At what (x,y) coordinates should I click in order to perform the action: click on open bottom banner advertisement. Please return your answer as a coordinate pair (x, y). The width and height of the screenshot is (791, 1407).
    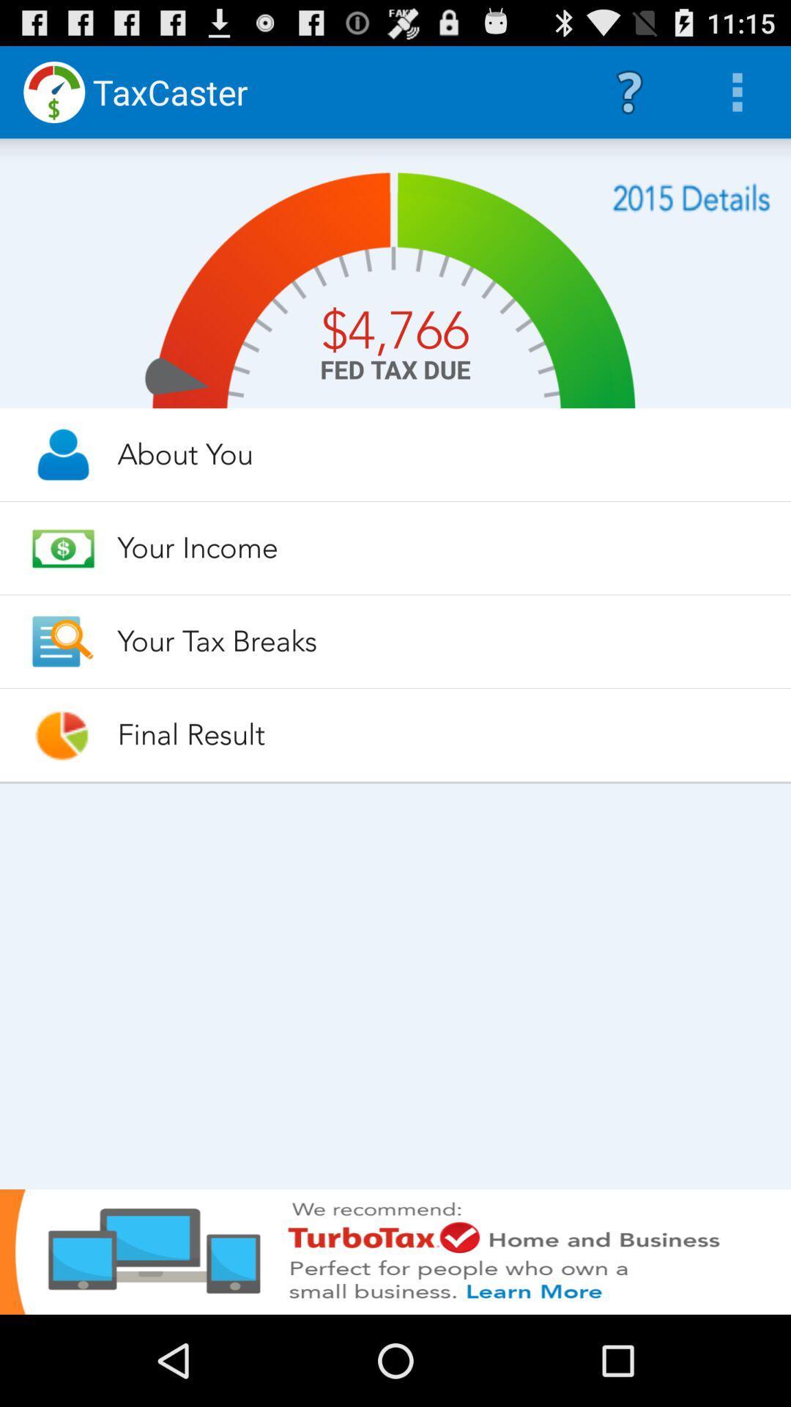
    Looking at the image, I should click on (395, 1251).